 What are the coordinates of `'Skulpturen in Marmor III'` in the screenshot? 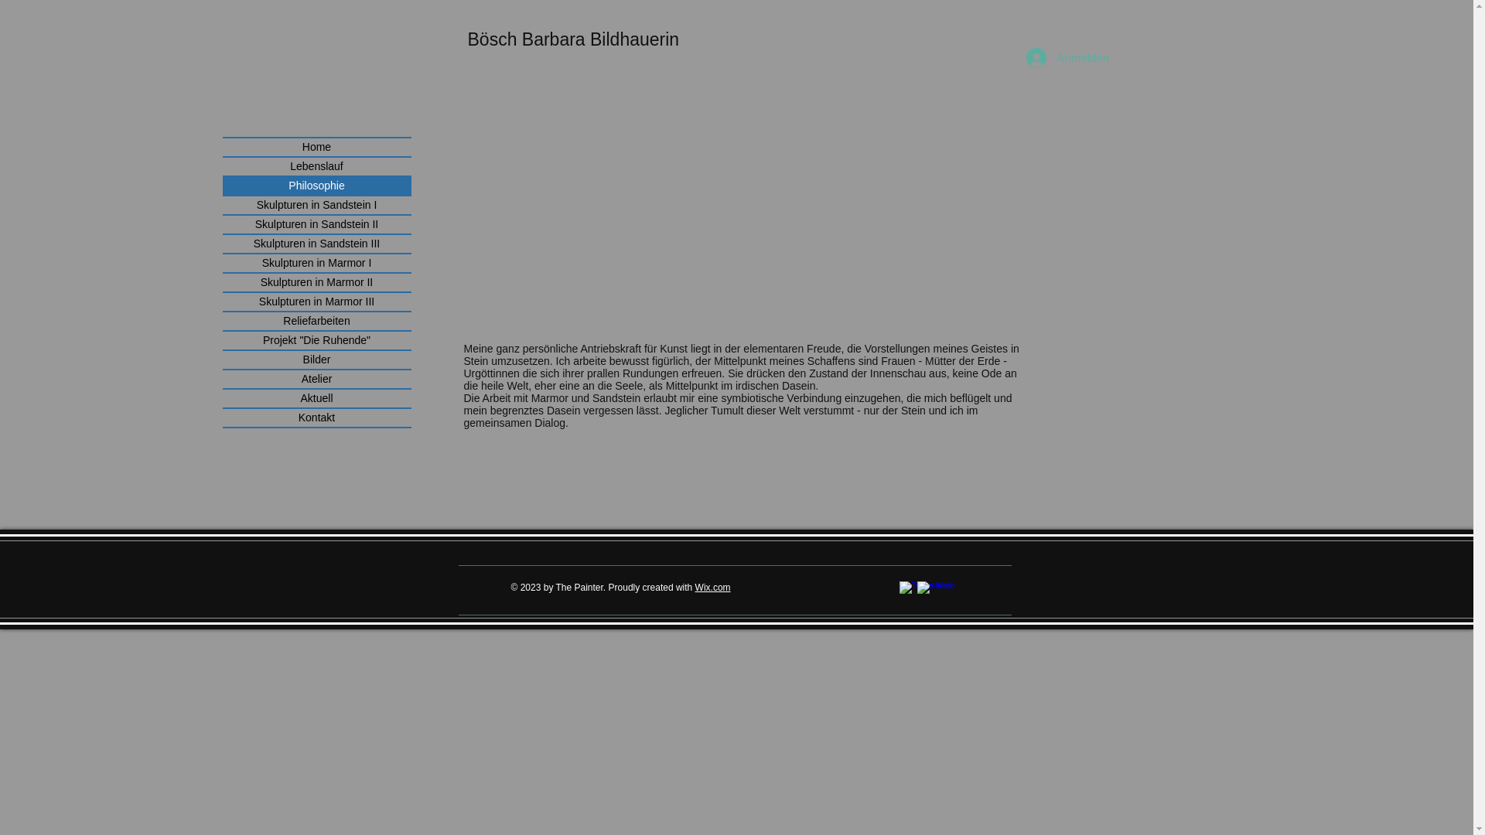 It's located at (316, 302).